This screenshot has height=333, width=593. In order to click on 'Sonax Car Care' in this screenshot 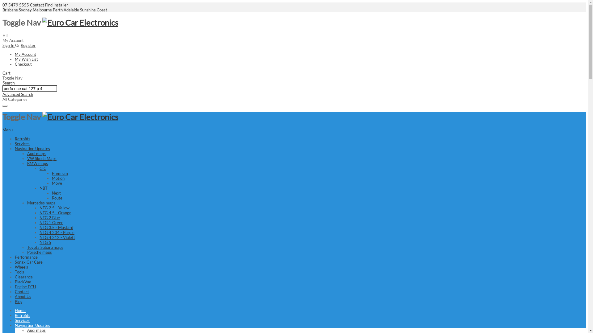, I will do `click(28, 262)`.